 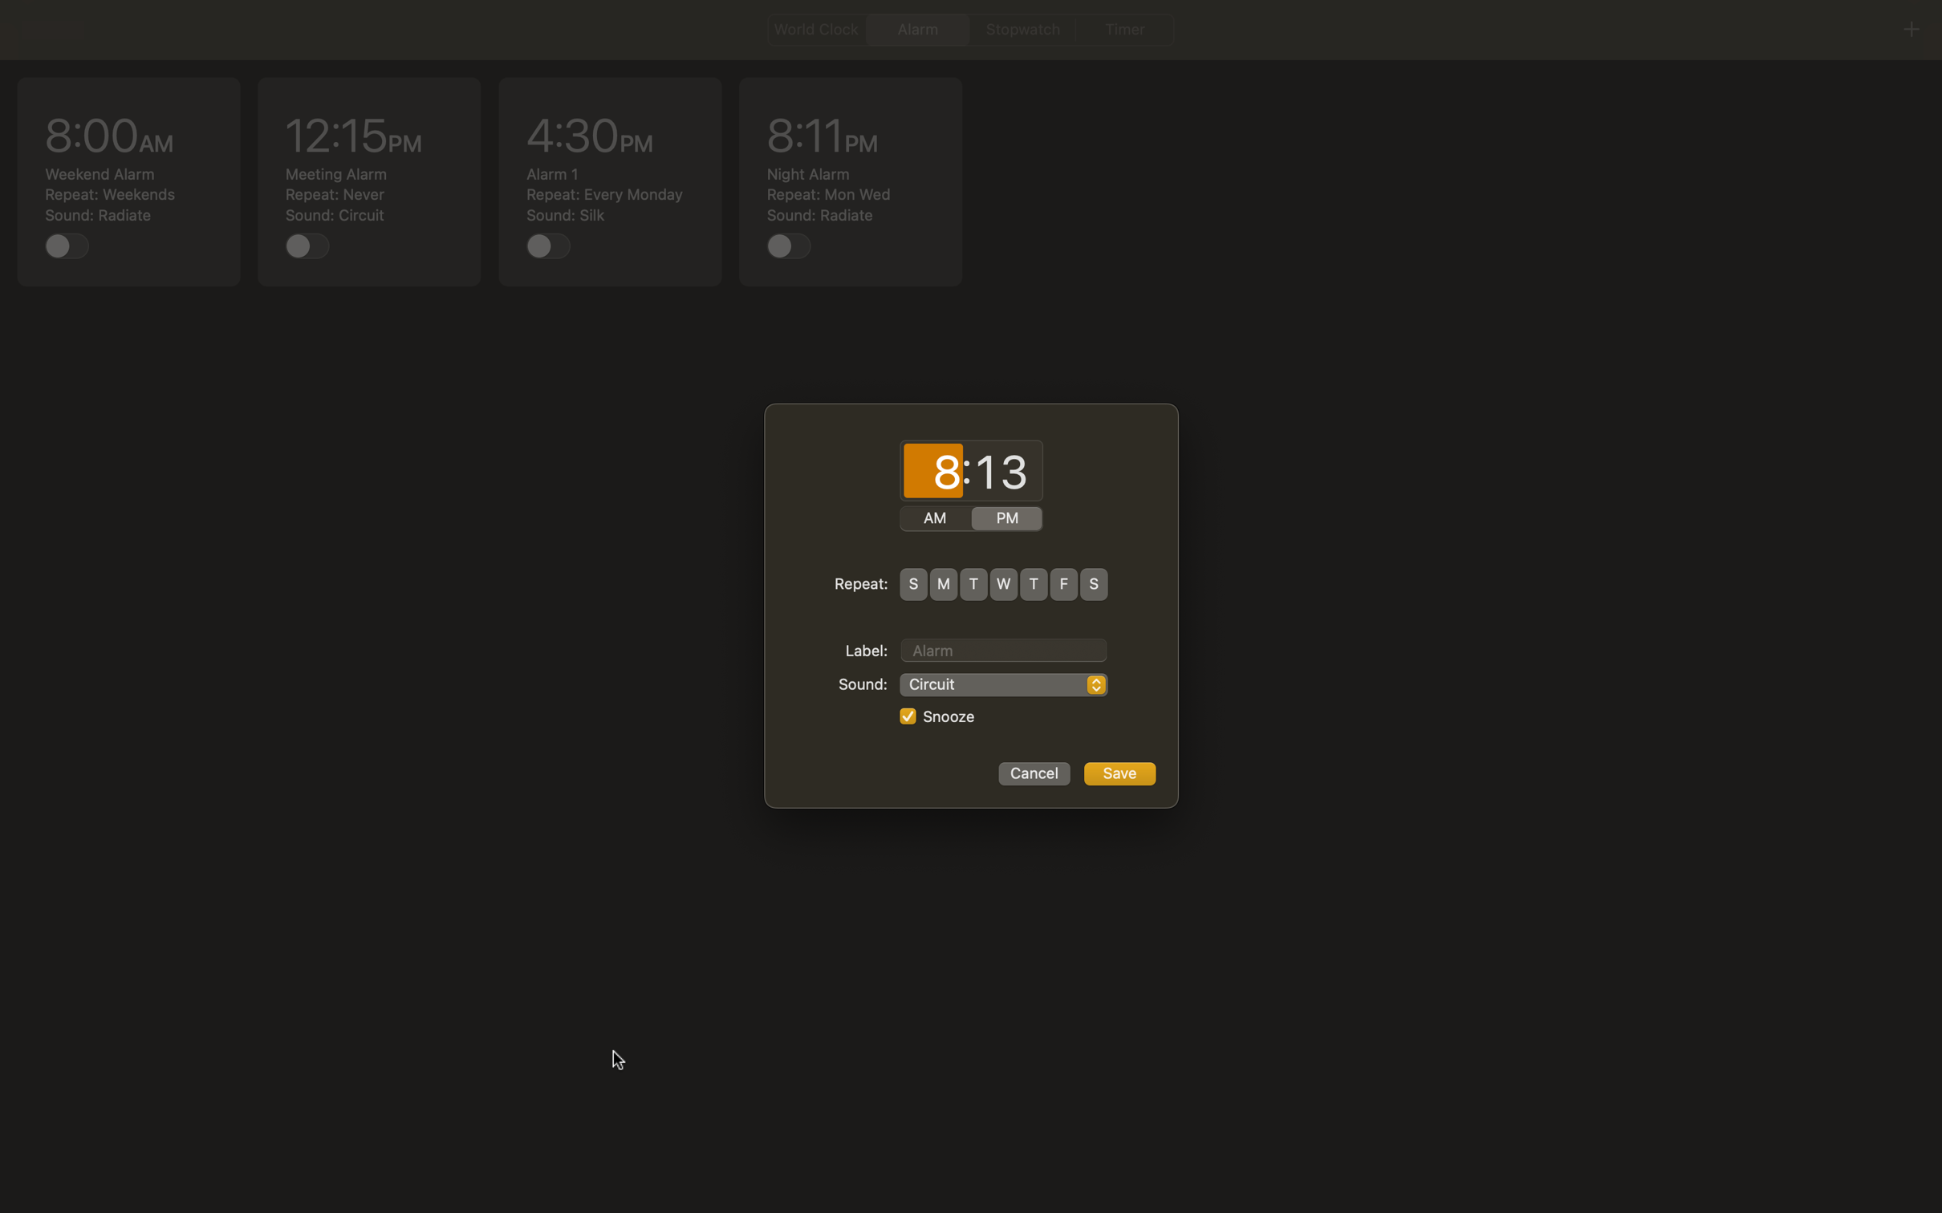 What do you see at coordinates (1003, 647) in the screenshot?
I see `the title of alarm as "Lazy Day` at bounding box center [1003, 647].